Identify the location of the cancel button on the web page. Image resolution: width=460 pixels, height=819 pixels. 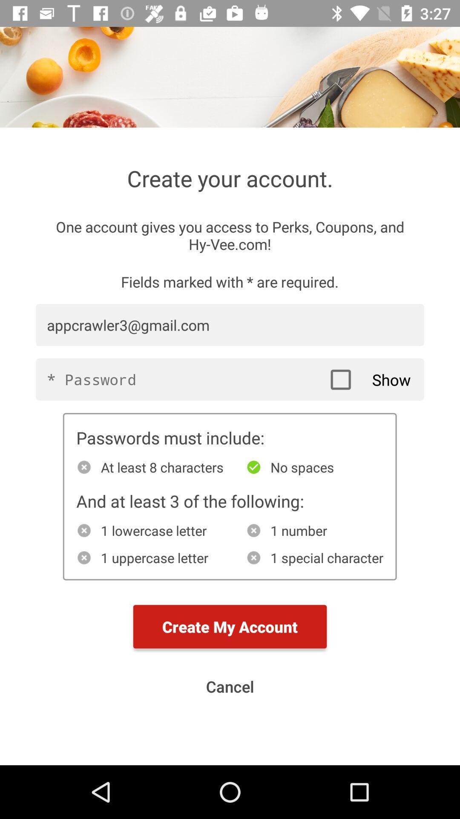
(230, 686).